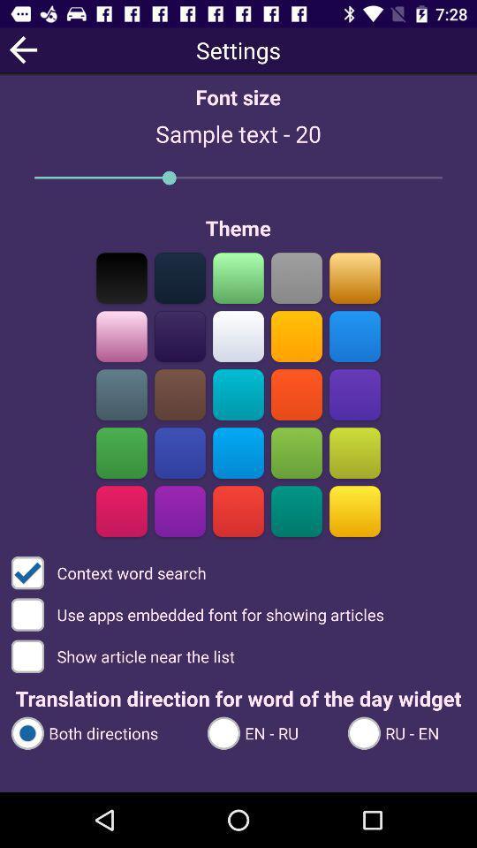 This screenshot has width=477, height=848. What do you see at coordinates (179, 336) in the screenshot?
I see `this colour option` at bounding box center [179, 336].